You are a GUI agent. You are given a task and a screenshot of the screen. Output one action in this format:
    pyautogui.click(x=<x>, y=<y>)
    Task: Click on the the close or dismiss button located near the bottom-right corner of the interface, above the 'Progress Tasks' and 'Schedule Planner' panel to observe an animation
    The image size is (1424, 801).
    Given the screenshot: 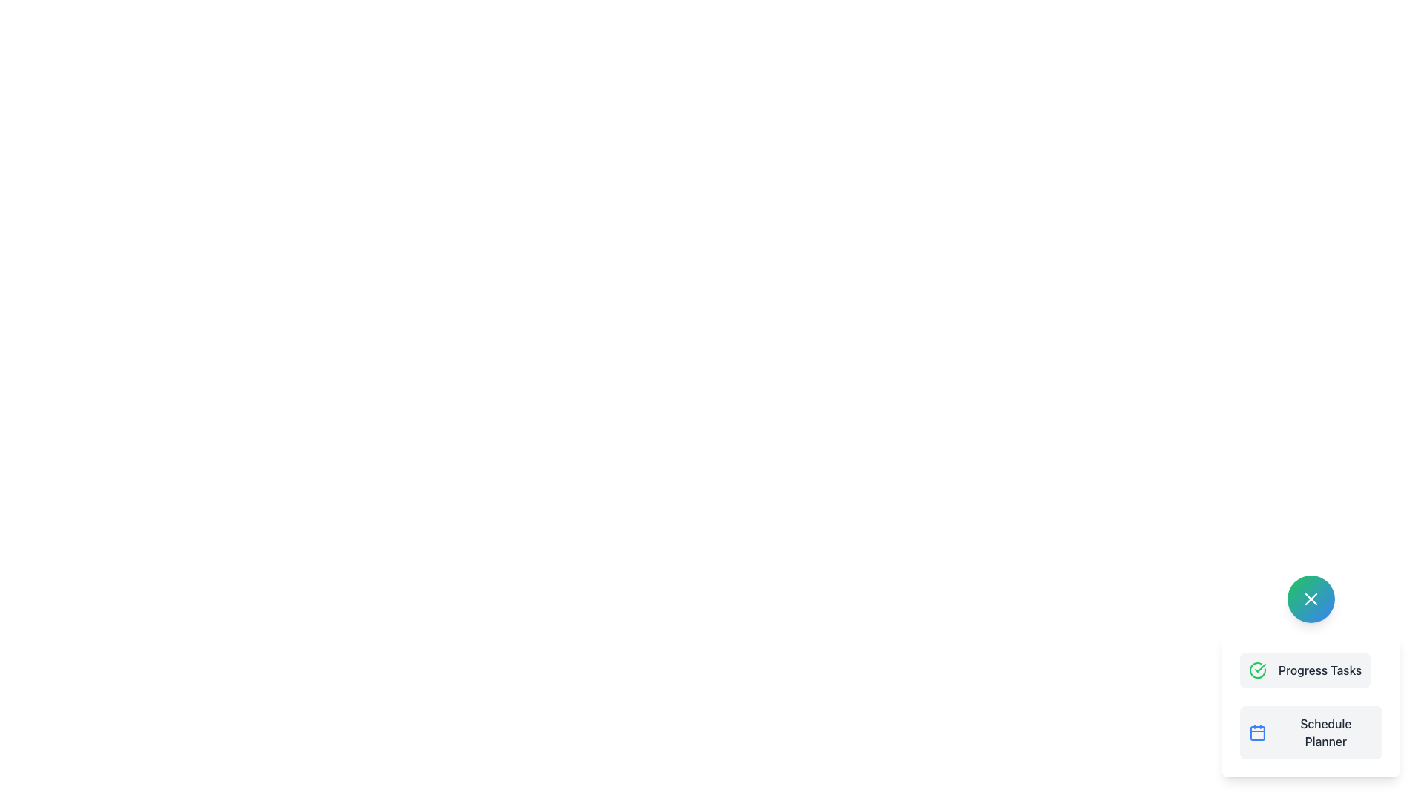 What is the action you would take?
    pyautogui.click(x=1311, y=598)
    